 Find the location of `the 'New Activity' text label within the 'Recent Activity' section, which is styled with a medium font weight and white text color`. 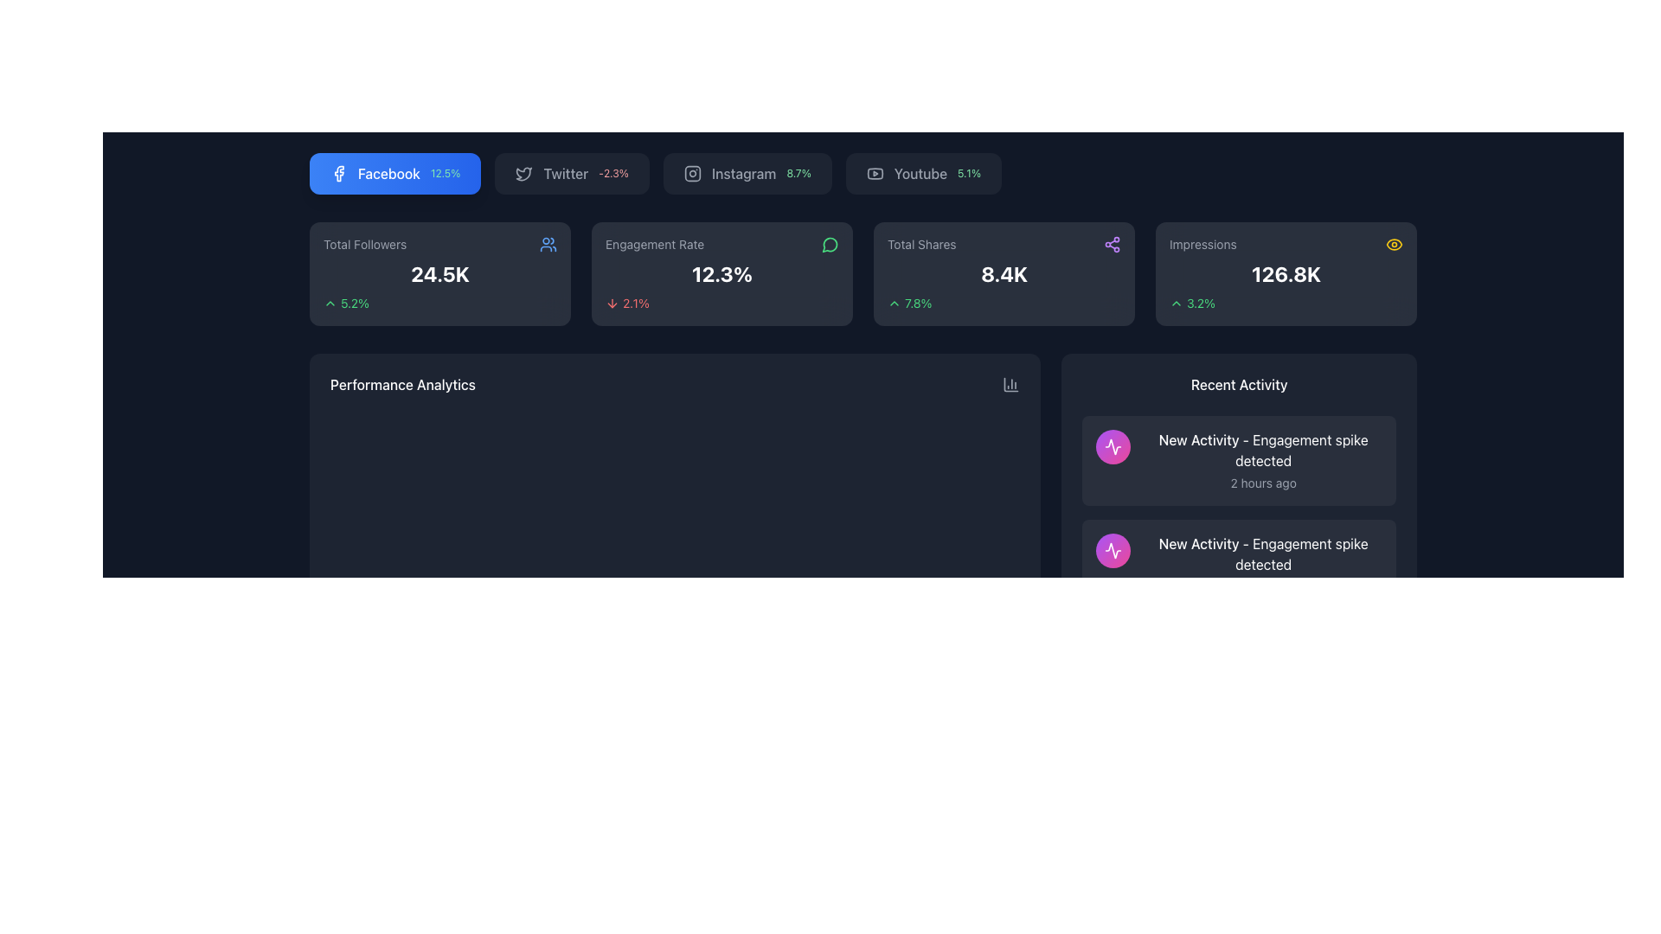

the 'New Activity' text label within the 'Recent Activity' section, which is styled with a medium font weight and white text color is located at coordinates (1198, 542).